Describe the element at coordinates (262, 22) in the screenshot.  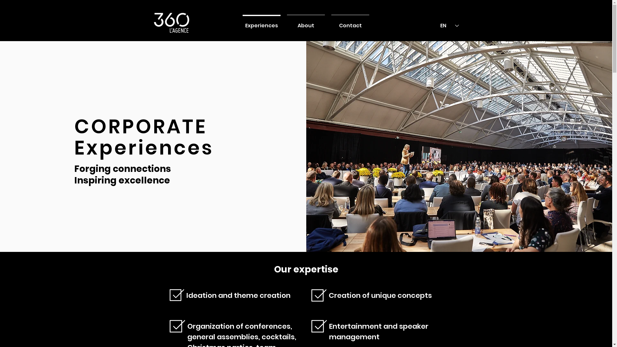
I see `'Experiences'` at that location.